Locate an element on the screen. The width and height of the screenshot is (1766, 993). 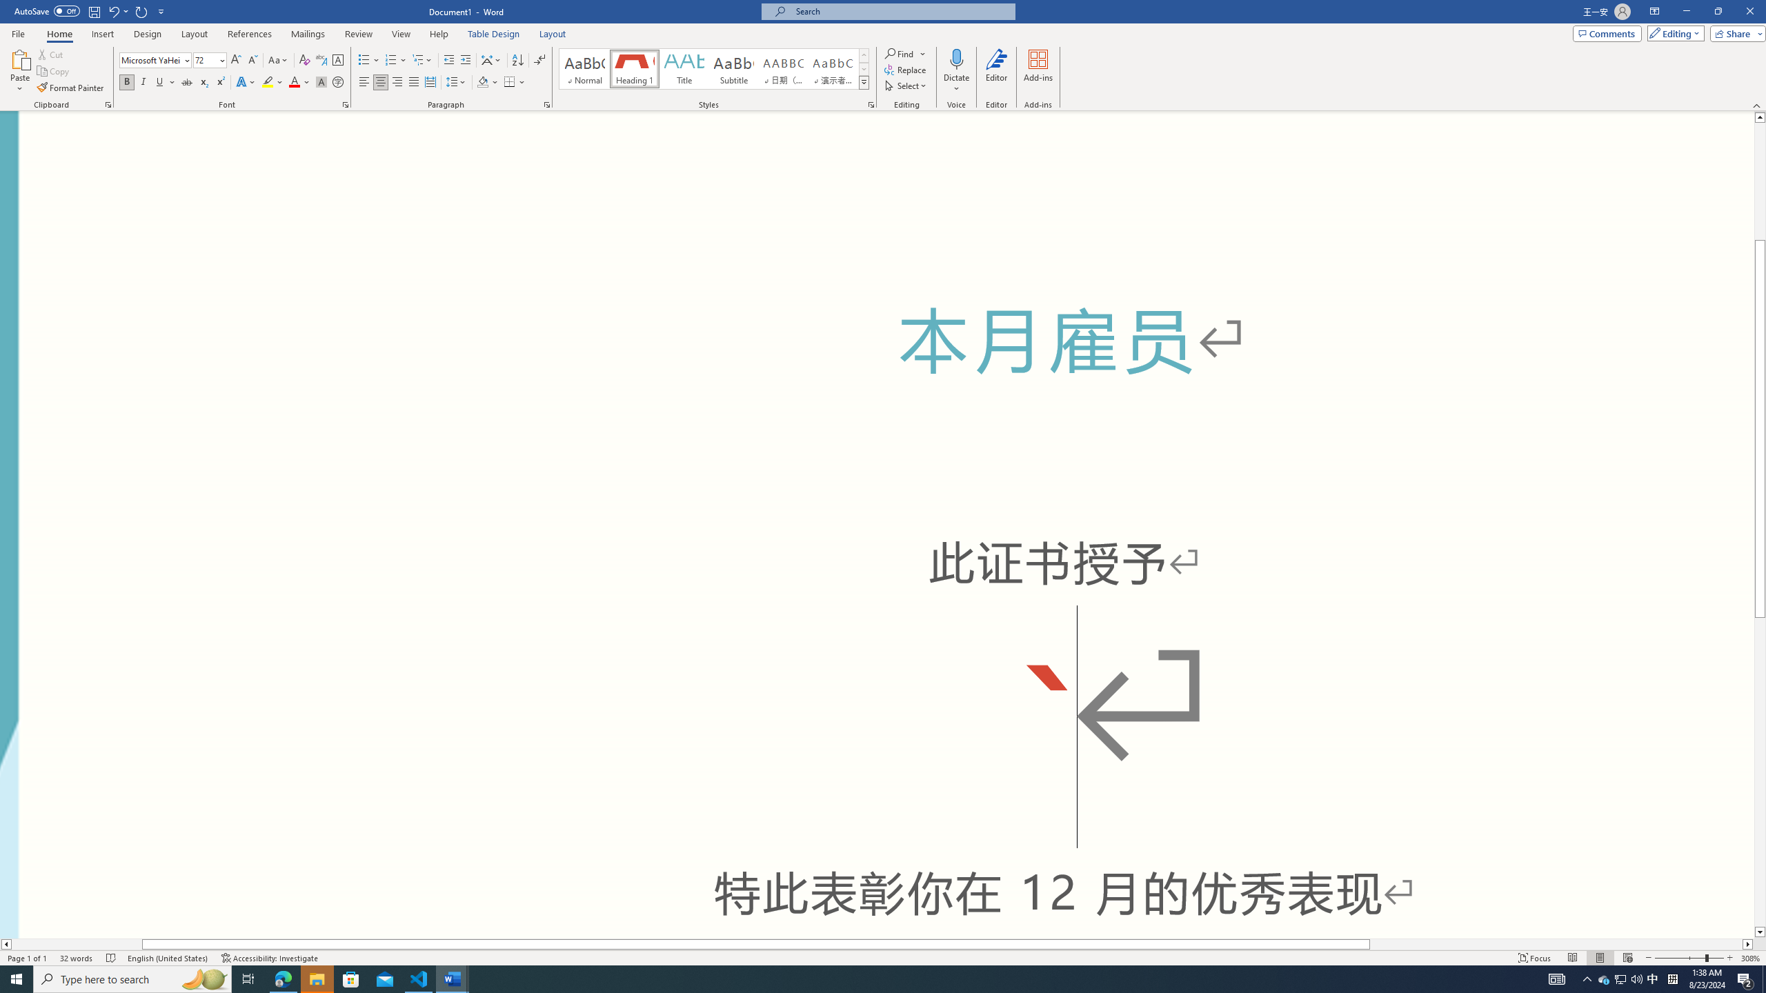
'Paste' is located at coordinates (19, 71).